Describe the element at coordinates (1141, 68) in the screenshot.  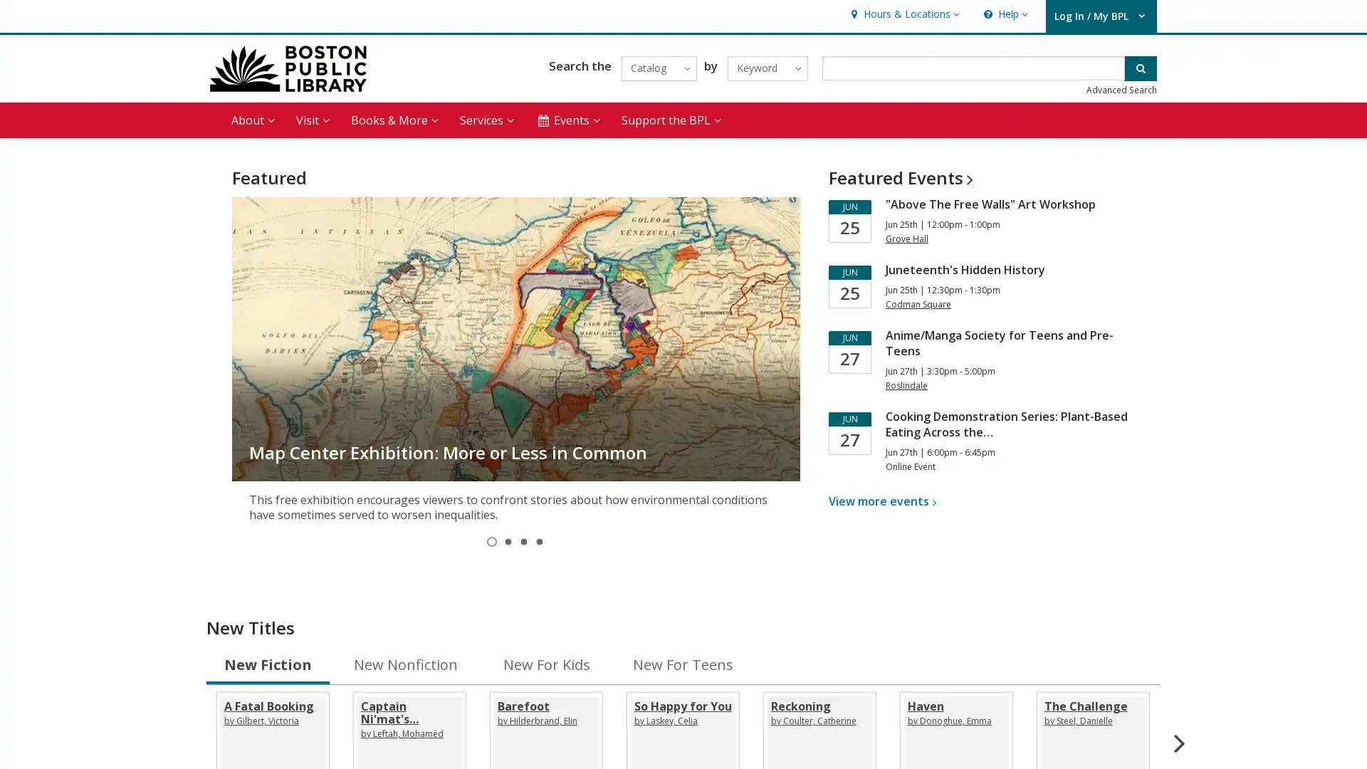
I see `Search` at that location.